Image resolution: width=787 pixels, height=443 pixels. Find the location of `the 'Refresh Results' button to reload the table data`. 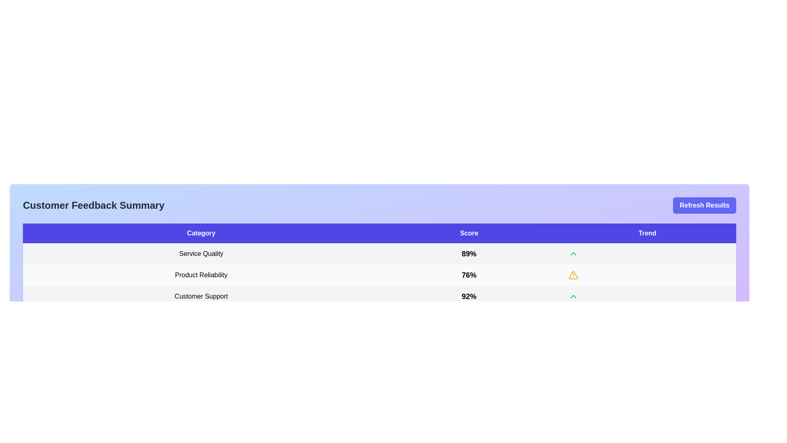

the 'Refresh Results' button to reload the table data is located at coordinates (704, 205).